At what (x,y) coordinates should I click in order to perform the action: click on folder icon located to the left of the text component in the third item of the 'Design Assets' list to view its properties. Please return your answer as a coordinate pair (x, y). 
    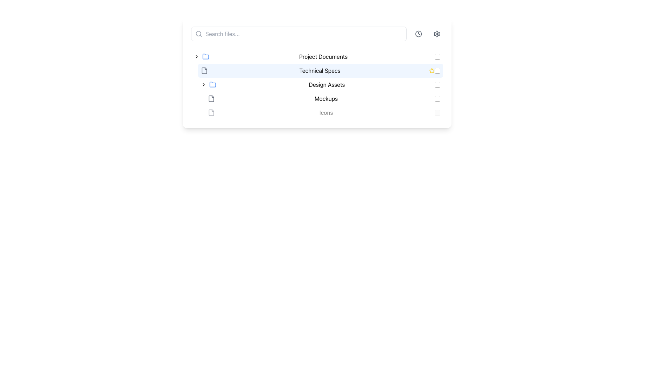
    Looking at the image, I should click on (212, 84).